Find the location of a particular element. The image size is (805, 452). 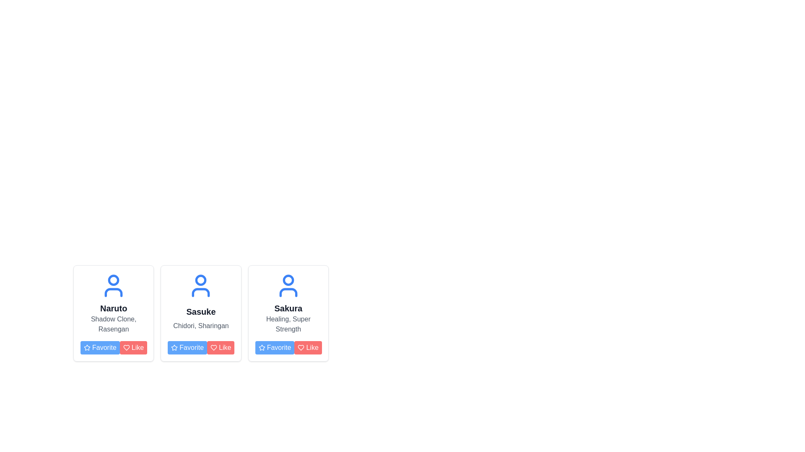

the surrounding area of the circular graphical element within the 'user' icon located in the central card of the interface is located at coordinates (200, 280).